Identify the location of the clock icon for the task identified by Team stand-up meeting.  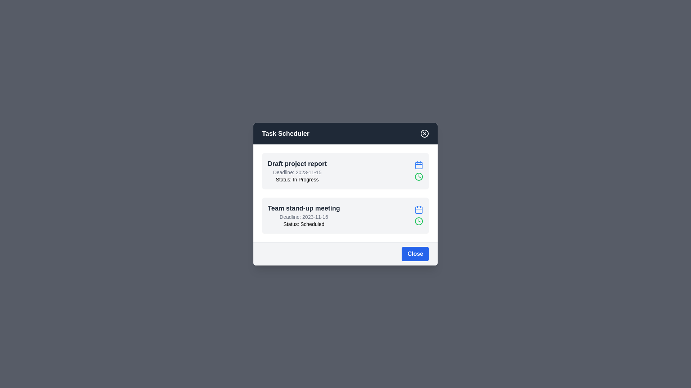
(419, 221).